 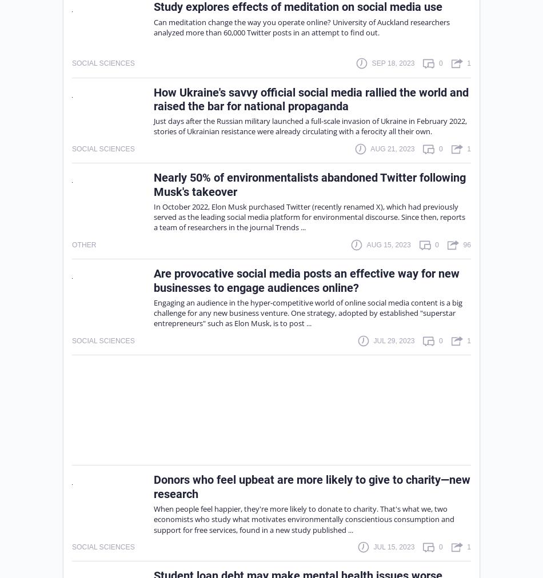 What do you see at coordinates (311, 99) in the screenshot?
I see `'How Ukraine's savvy official social media rallied the world and raised the bar for national propaganda'` at bounding box center [311, 99].